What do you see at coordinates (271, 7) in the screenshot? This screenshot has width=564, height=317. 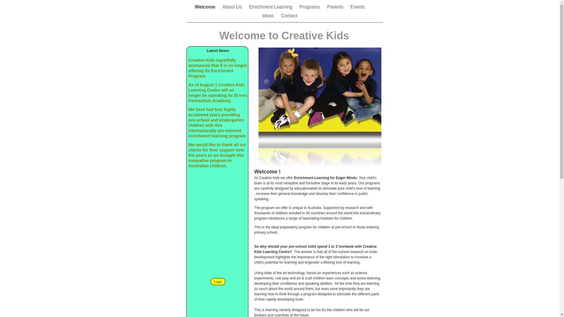 I see `'Enrichment Learning'` at bounding box center [271, 7].